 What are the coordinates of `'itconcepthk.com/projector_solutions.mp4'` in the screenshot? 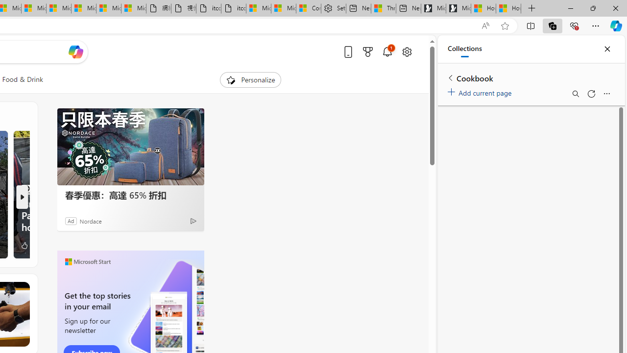 It's located at (233, 8).